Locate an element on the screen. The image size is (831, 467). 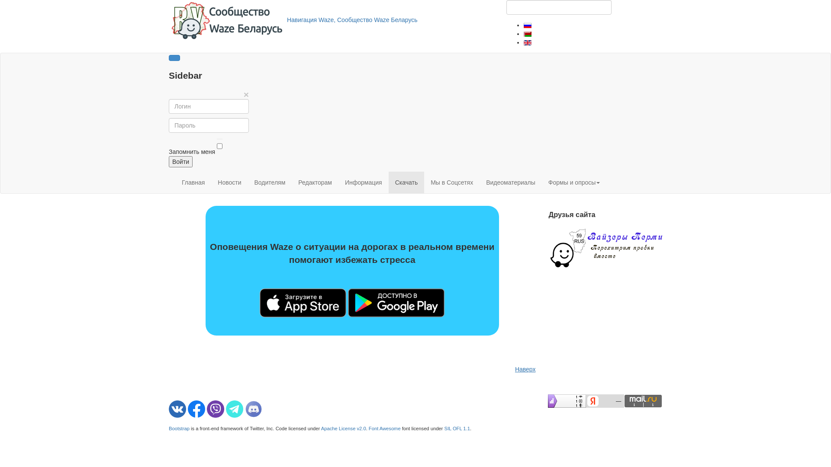
'Apache License v2.0' is located at coordinates (321, 429).